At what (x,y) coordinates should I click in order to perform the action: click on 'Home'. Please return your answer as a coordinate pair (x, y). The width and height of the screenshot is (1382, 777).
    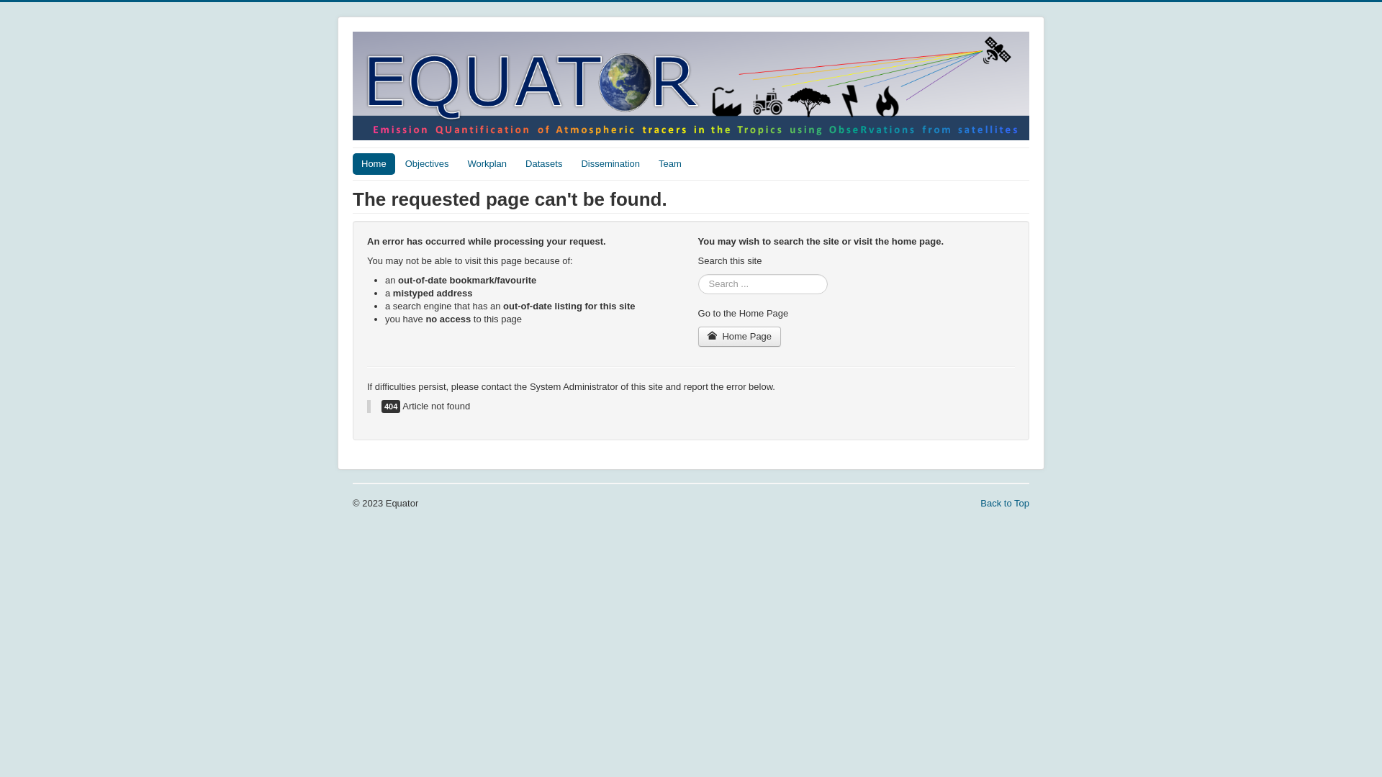
    Looking at the image, I should click on (374, 163).